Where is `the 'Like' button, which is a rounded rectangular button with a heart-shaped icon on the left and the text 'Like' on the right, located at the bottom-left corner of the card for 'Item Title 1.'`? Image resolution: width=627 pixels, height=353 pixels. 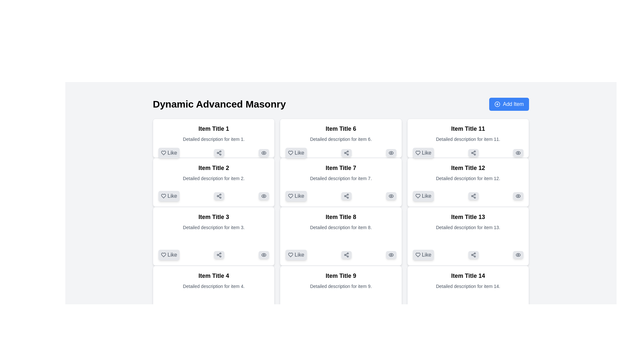 the 'Like' button, which is a rounded rectangular button with a heart-shaped icon on the left and the text 'Like' on the right, located at the bottom-left corner of the card for 'Item Title 1.' is located at coordinates (169, 153).